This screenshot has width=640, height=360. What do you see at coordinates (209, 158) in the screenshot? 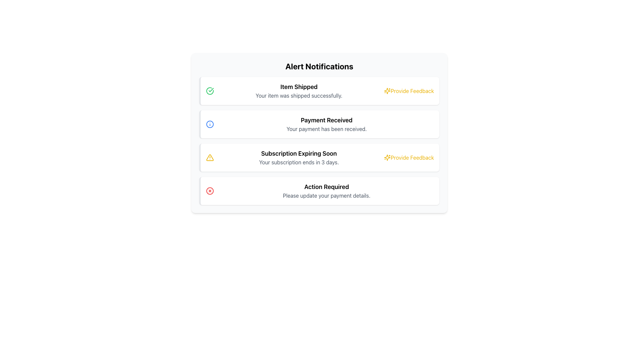
I see `the yellow triangle alert icon with an exclamation mark inside, located in the third alert card from the top, which indicates a subscription expiring soon` at bounding box center [209, 158].